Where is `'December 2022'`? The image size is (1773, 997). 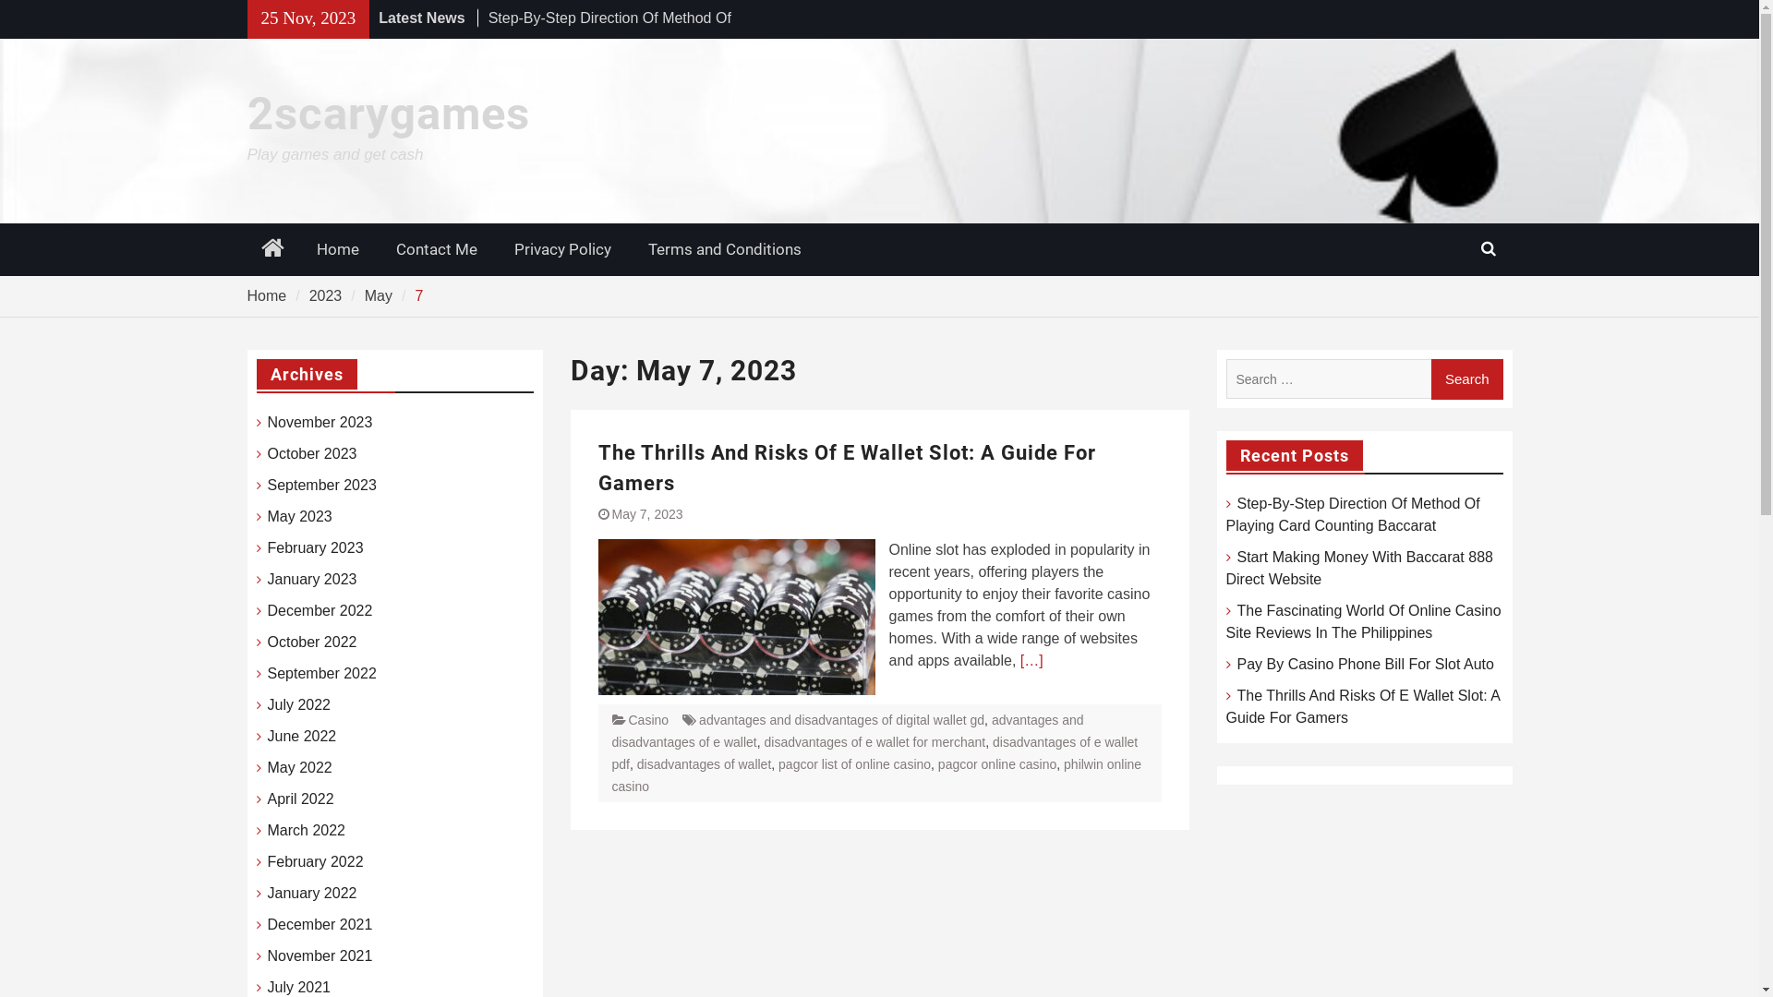 'December 2022' is located at coordinates (320, 611).